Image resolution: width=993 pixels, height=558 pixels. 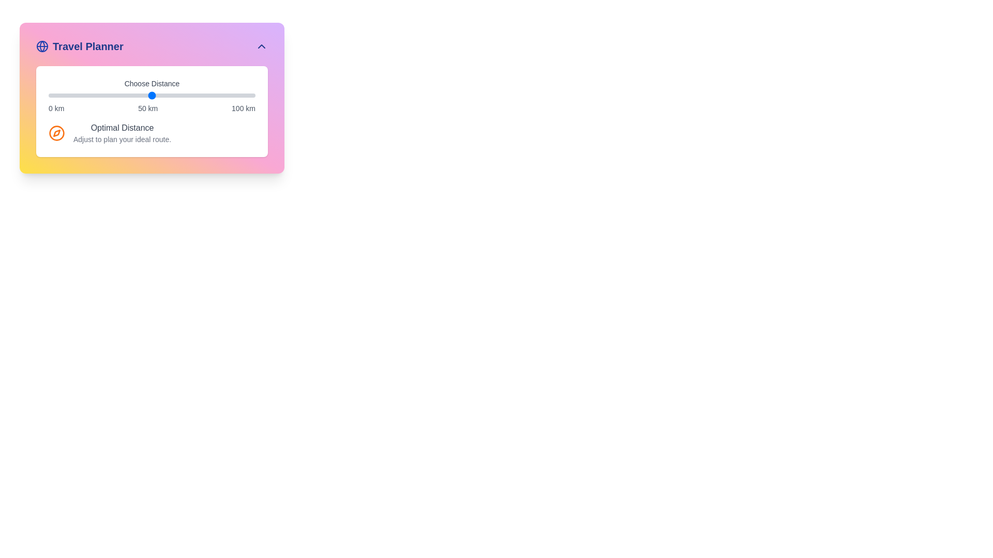 I want to click on the text label that displays 'Optimal Distance', which is centrally located above the smaller text 'Adjust to plan your ideal route.', so click(x=122, y=127).